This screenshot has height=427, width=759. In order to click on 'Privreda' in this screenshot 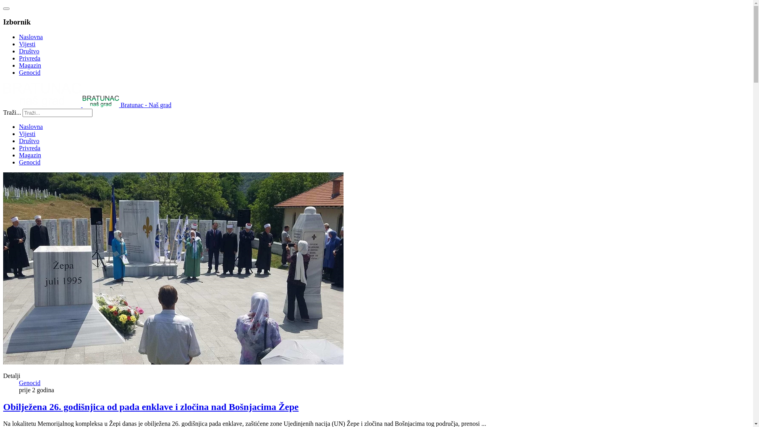, I will do `click(30, 148)`.